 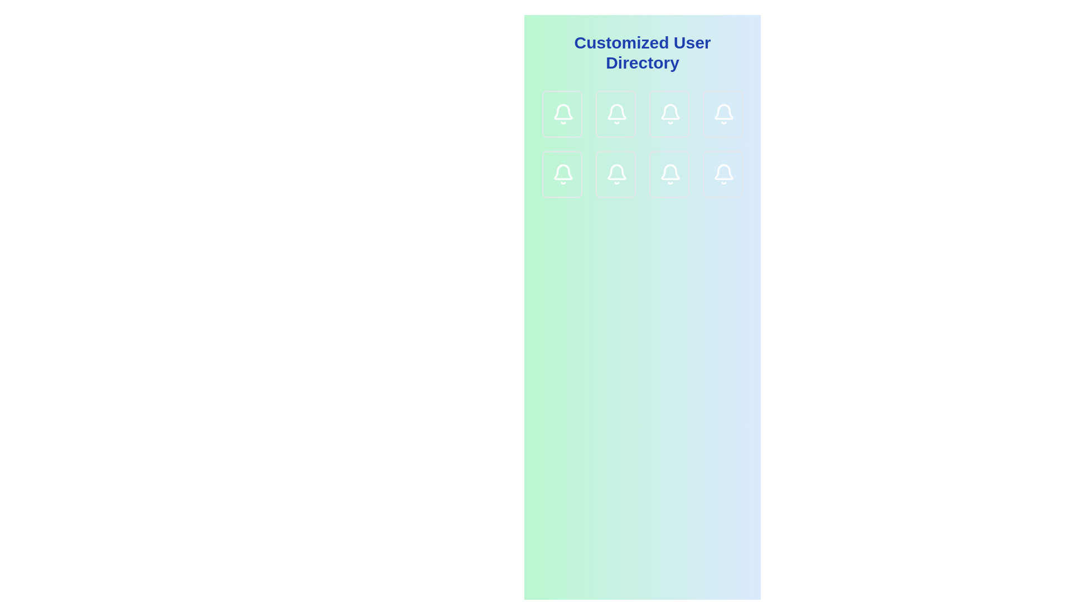 What do you see at coordinates (563, 114) in the screenshot?
I see `the bell-shaped notification icon located at the top-left corner of the grid structure in the interface` at bounding box center [563, 114].